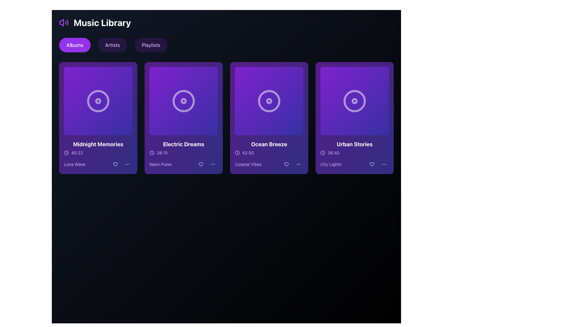 This screenshot has height=327, width=582. I want to click on the favorite icon located at the bottom-right corner of the 'Electric Dreams' card, so click(201, 164).